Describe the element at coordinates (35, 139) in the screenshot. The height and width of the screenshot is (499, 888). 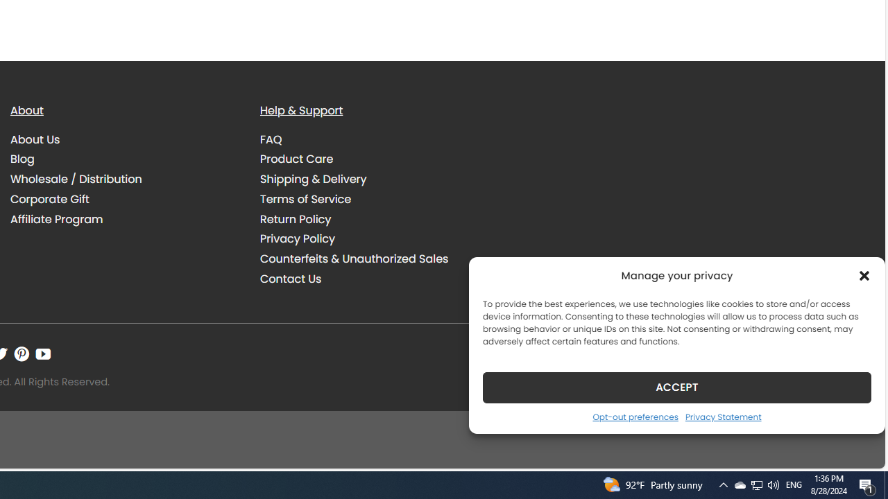
I see `'About Us'` at that location.